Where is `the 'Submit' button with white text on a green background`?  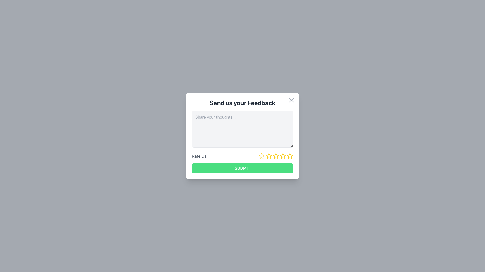
the 'Submit' button with white text on a green background is located at coordinates (243, 168).